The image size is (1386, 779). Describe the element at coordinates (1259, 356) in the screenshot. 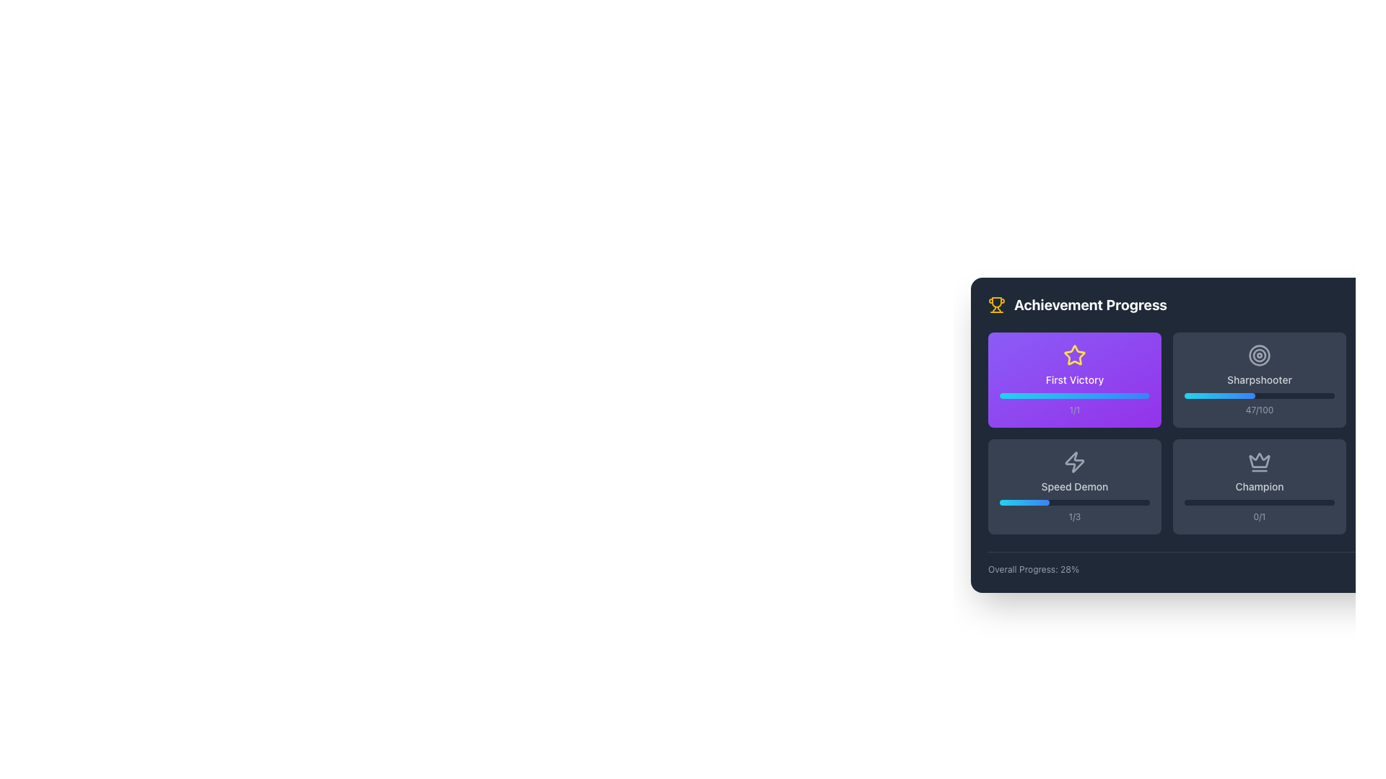

I see `the circular target icon with a gray outline located at the top-center of the 'Sharpshooter' card in the 'Achievement Progress' section` at that location.